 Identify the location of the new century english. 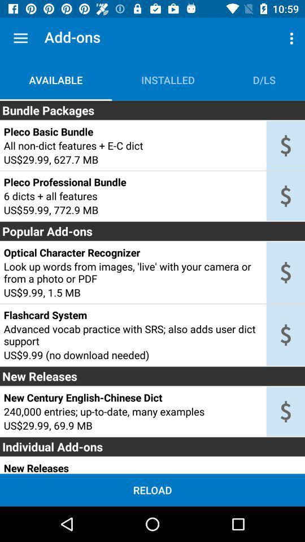
(132, 397).